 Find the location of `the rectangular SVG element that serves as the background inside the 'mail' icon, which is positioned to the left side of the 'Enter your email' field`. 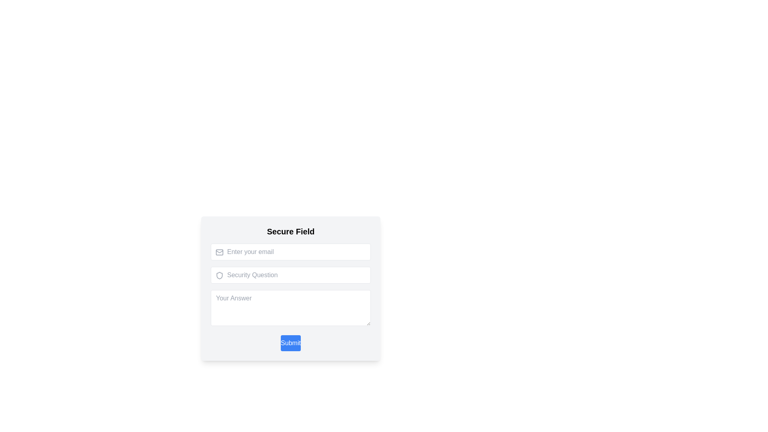

the rectangular SVG element that serves as the background inside the 'mail' icon, which is positioned to the left side of the 'Enter your email' field is located at coordinates (219, 252).